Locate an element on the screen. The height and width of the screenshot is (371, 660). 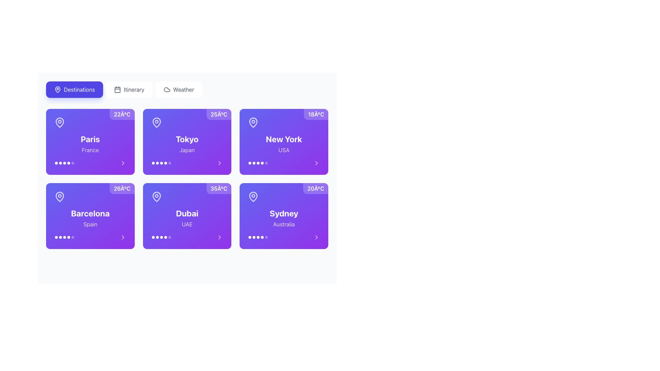
the temperature label displaying '20°C' with a white font on a semi-transparent background, located at the top-right corner of the purple Sydney card is located at coordinates (315, 188).